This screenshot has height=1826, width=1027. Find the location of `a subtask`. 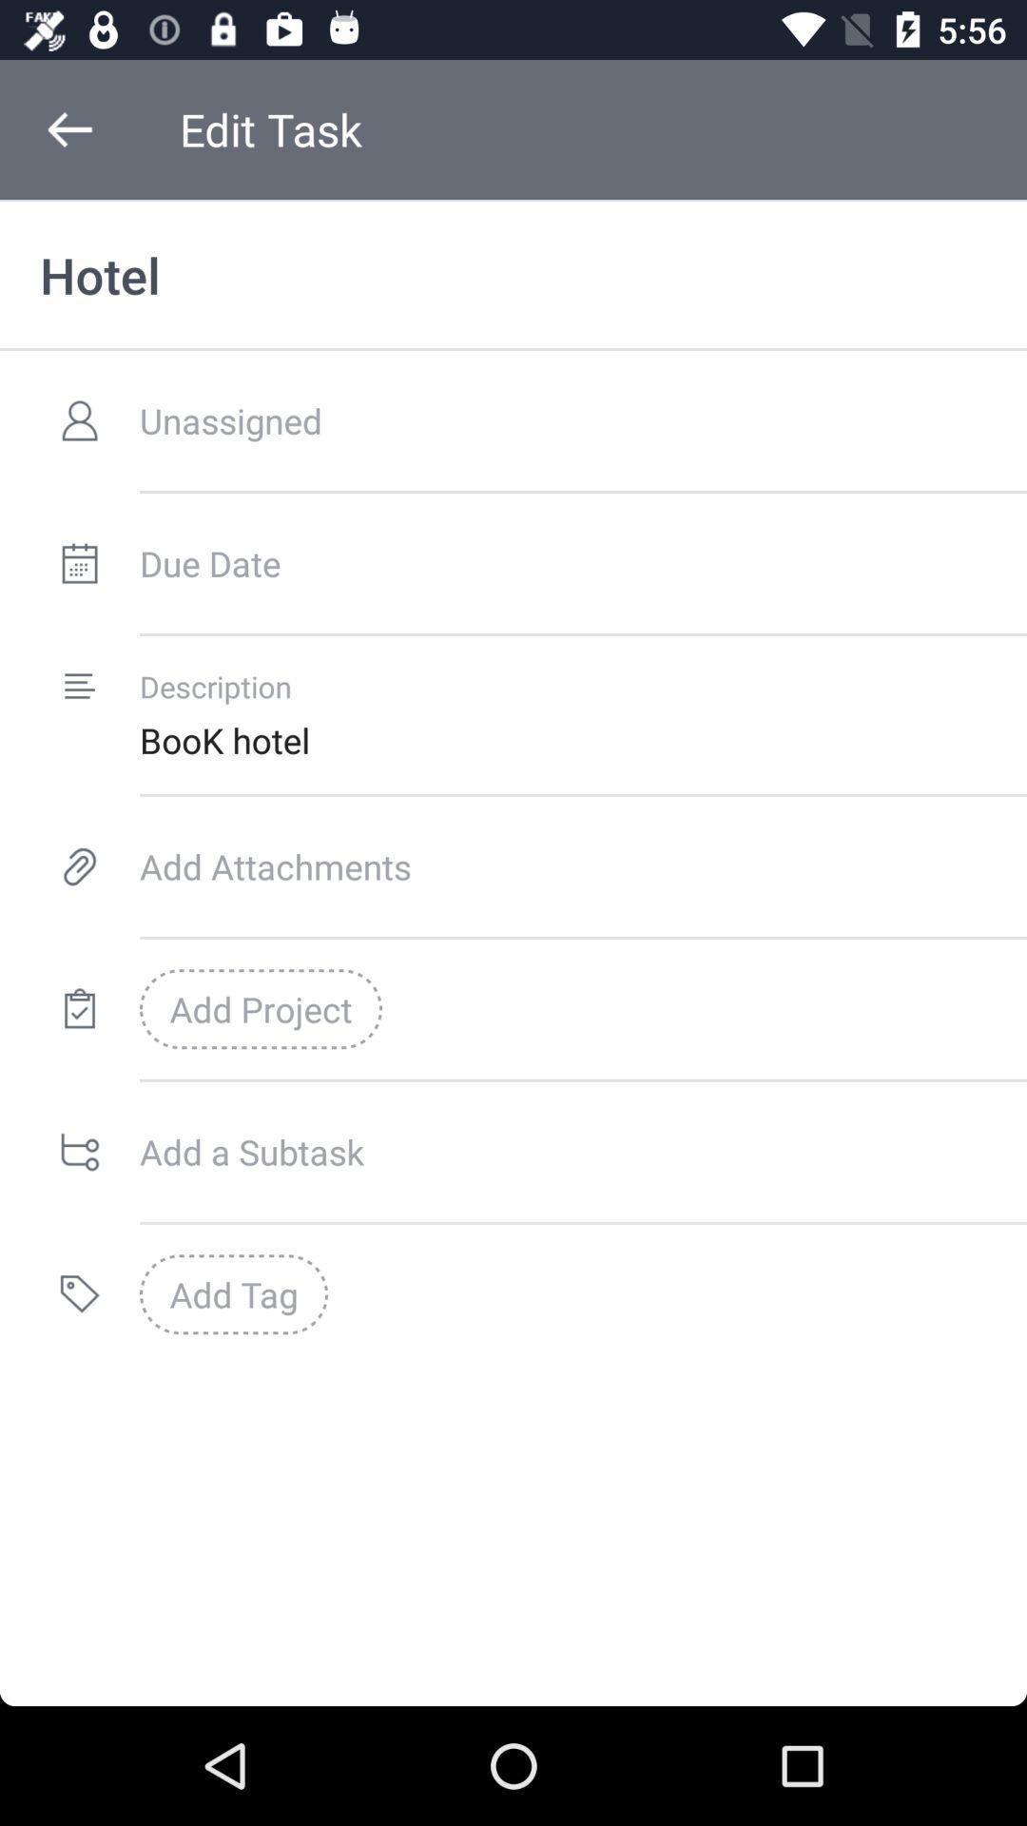

a subtask is located at coordinates (582, 1151).